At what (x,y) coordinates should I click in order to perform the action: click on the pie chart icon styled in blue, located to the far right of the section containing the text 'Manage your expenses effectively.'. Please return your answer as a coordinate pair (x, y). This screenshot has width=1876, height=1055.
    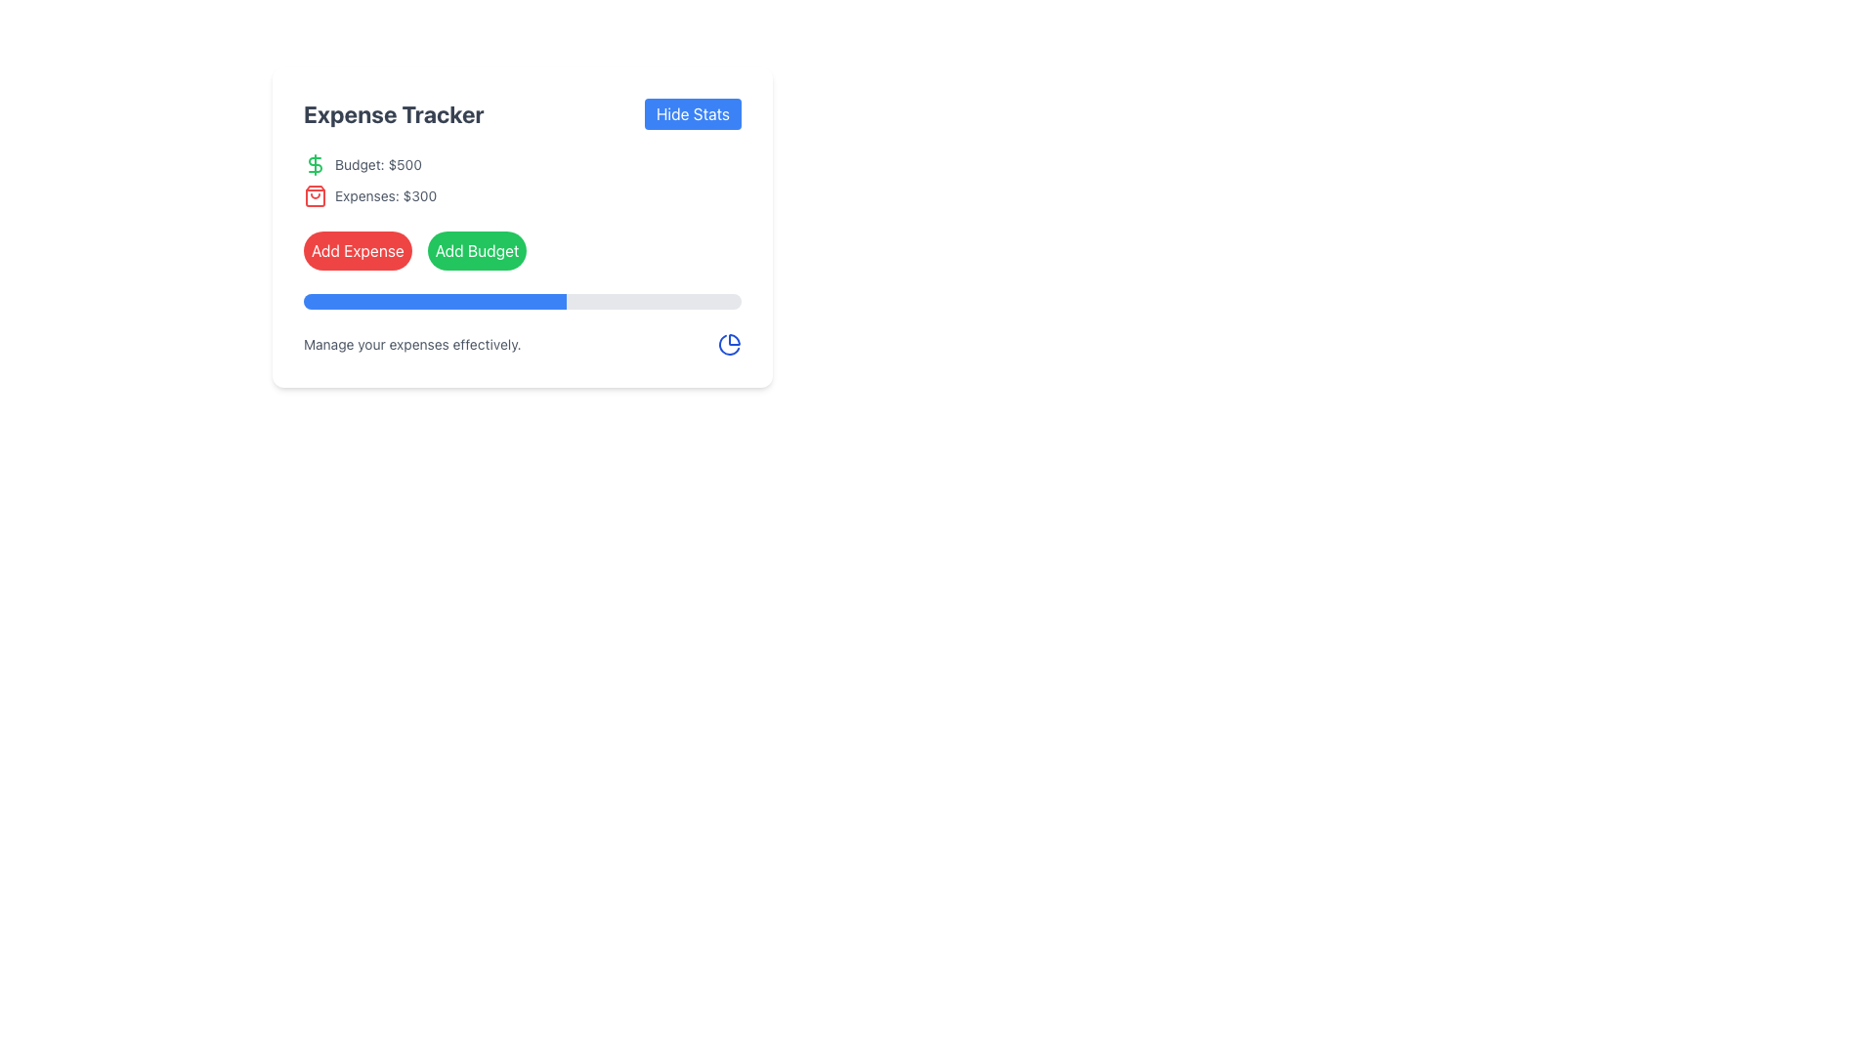
    Looking at the image, I should click on (729, 344).